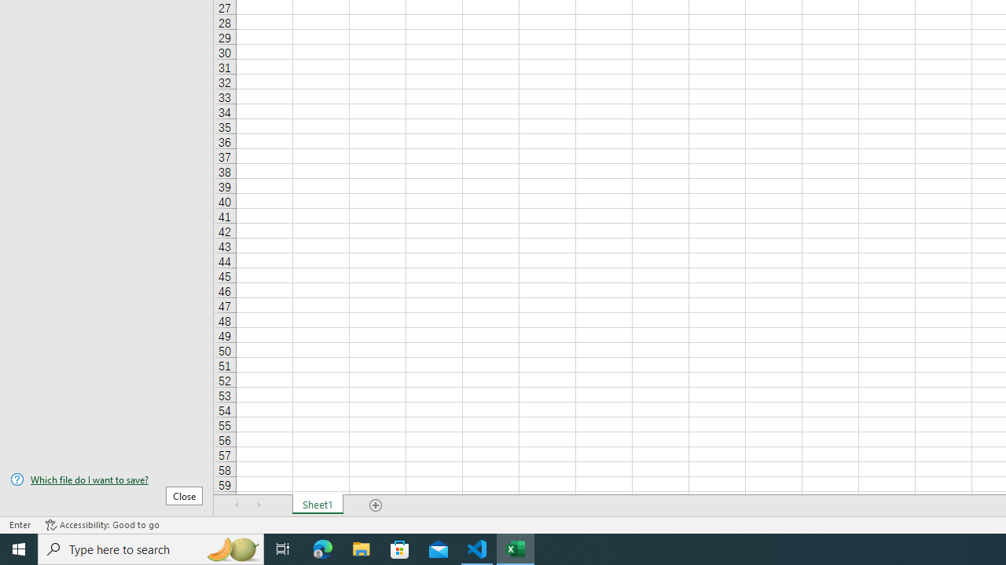  I want to click on 'Add Sheet', so click(375, 505).